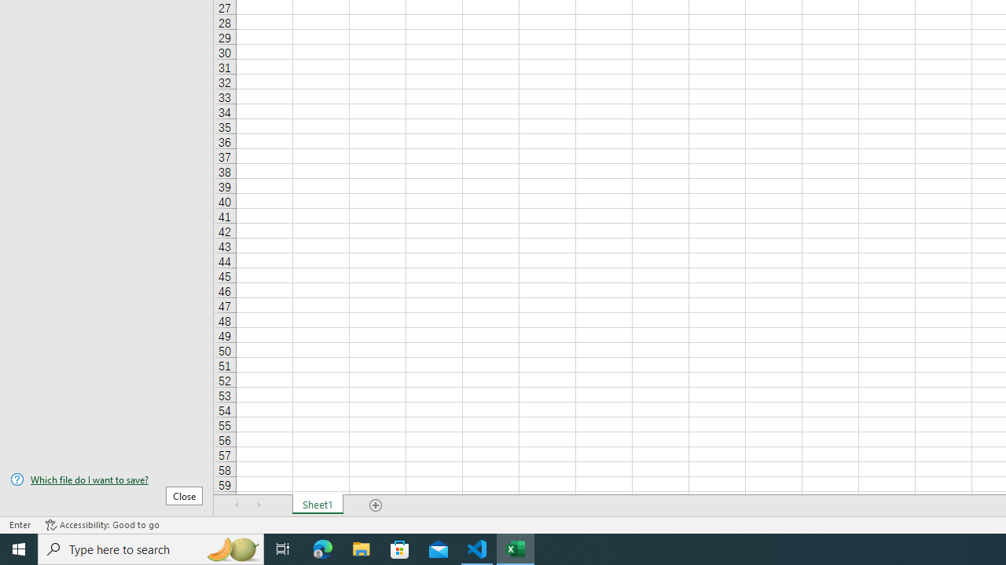  I want to click on 'Add Sheet', so click(375, 505).